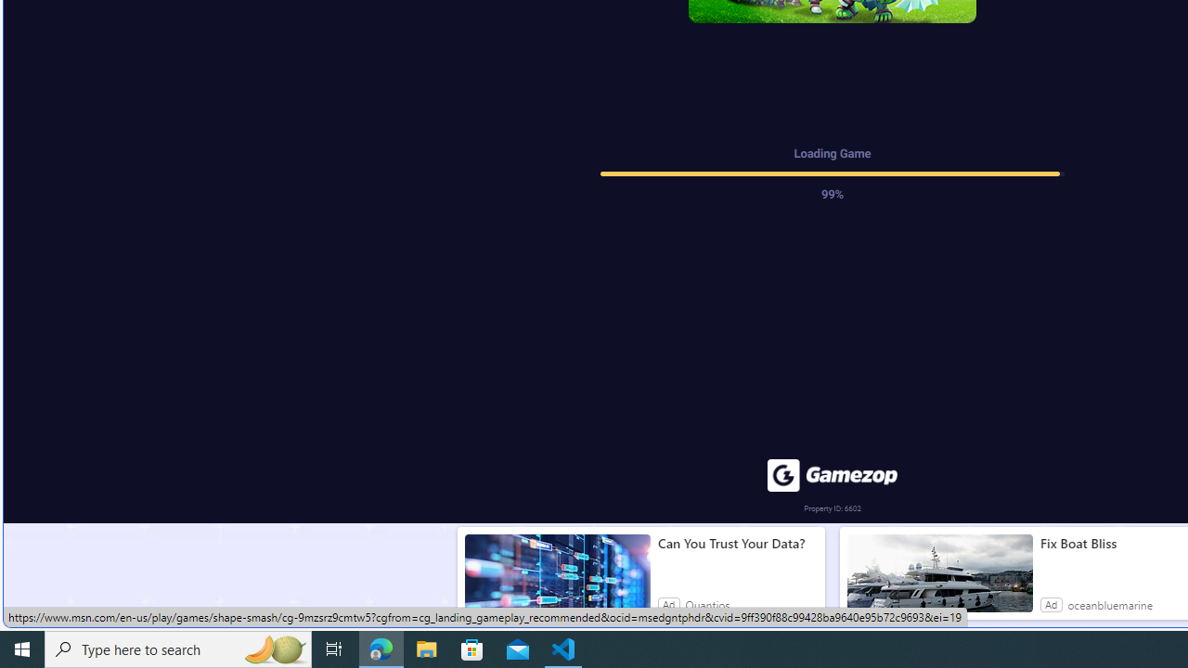 The height and width of the screenshot is (668, 1188). Describe the element at coordinates (706, 604) in the screenshot. I see `'Quantios'` at that location.